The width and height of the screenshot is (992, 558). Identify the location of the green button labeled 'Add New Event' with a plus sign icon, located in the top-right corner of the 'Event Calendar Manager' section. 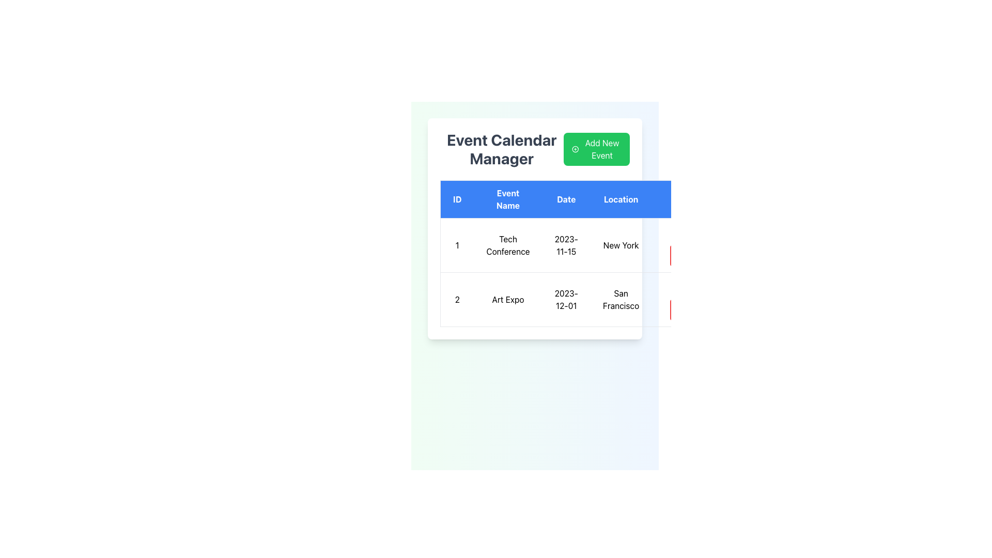
(596, 149).